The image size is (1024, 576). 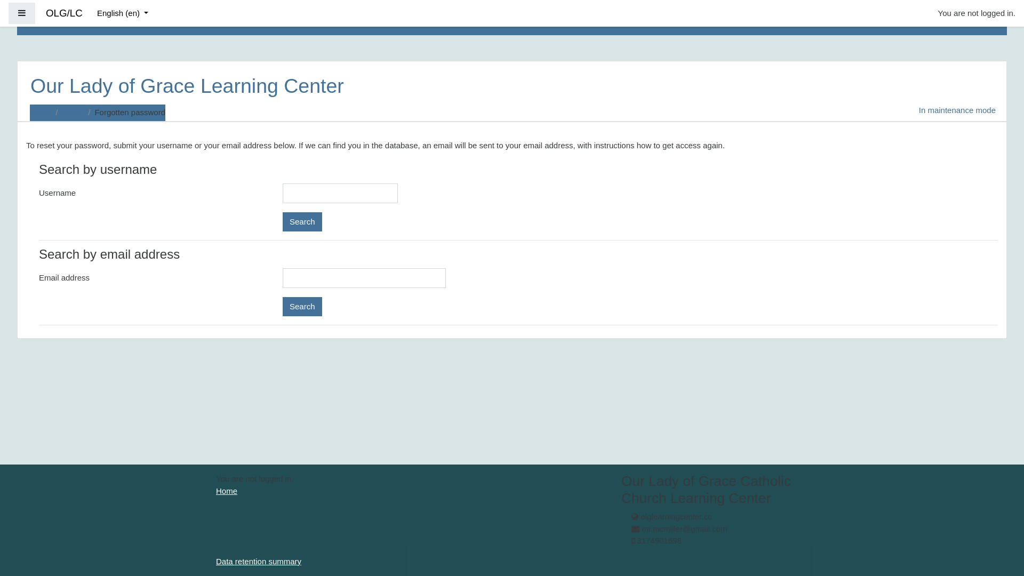 I want to click on 'Side panel', so click(x=22, y=13).